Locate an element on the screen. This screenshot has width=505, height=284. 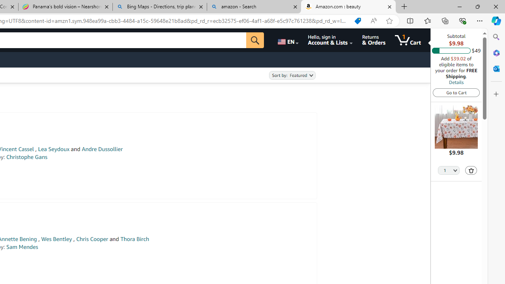
'Returns & Orders' is located at coordinates (373, 40).